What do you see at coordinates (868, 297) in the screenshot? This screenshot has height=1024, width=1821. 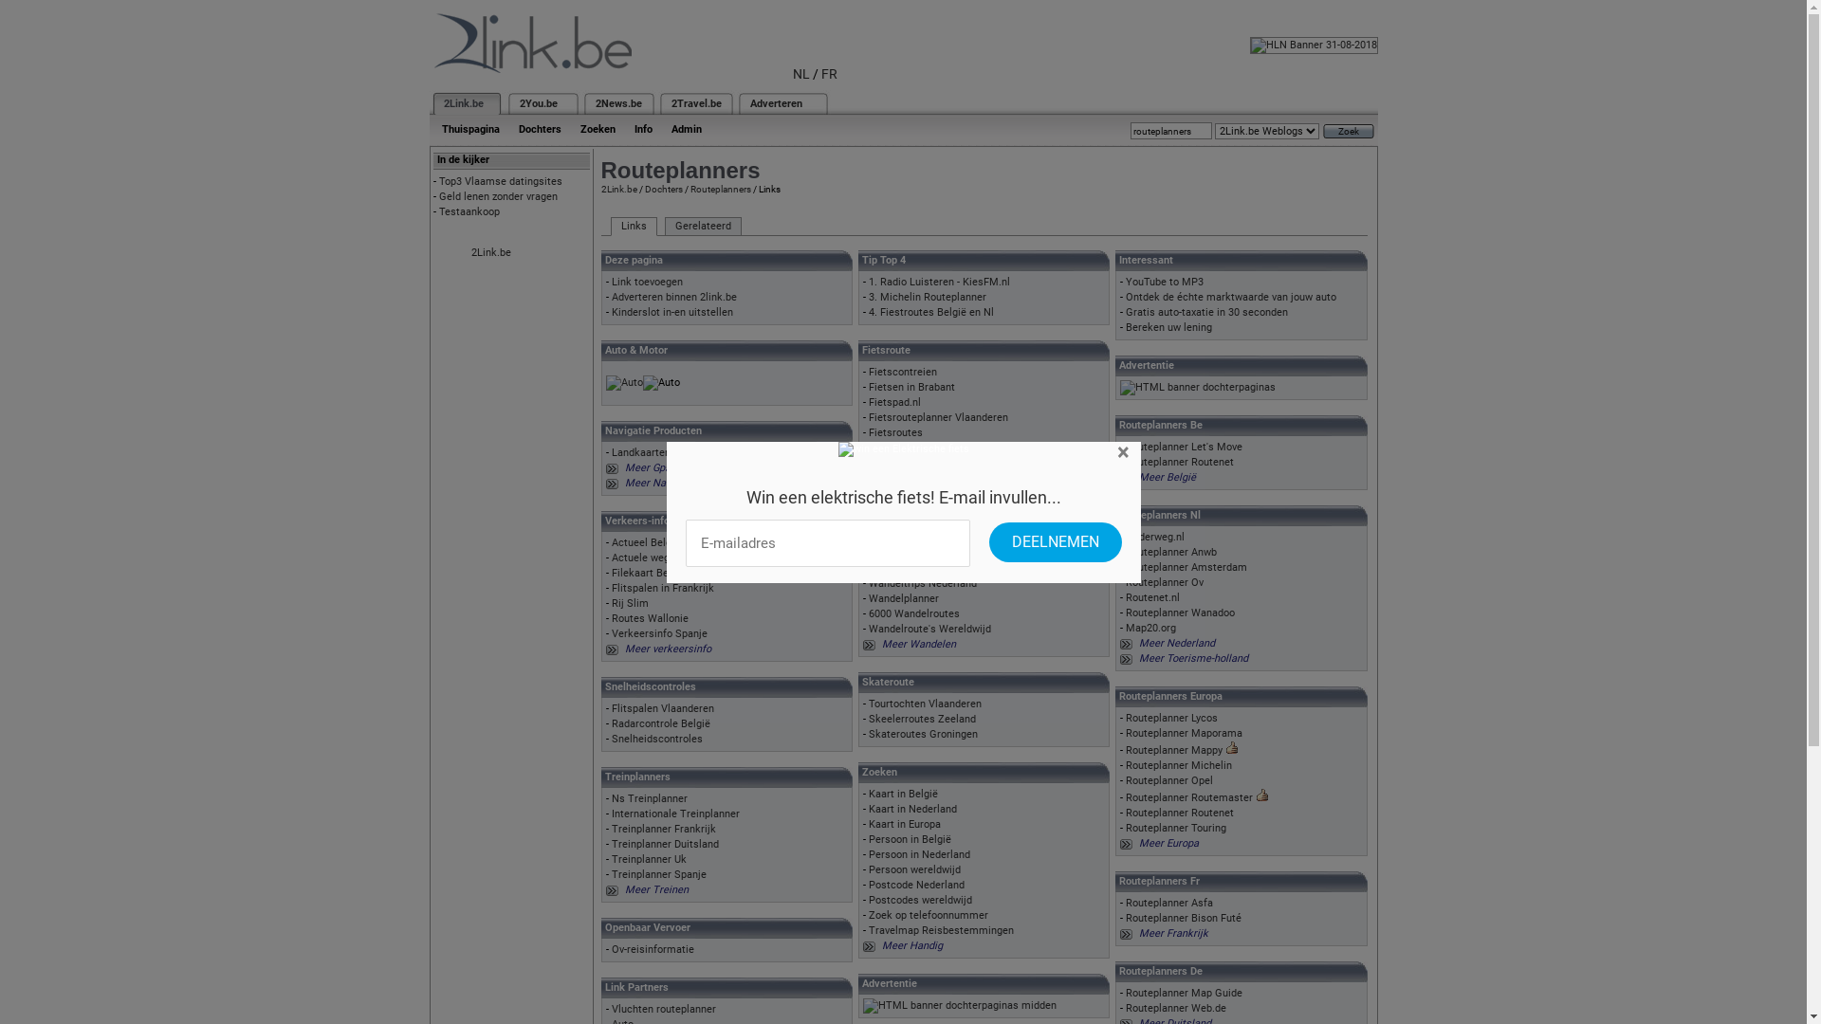 I see `'3. Michelin Routeplanner'` at bounding box center [868, 297].